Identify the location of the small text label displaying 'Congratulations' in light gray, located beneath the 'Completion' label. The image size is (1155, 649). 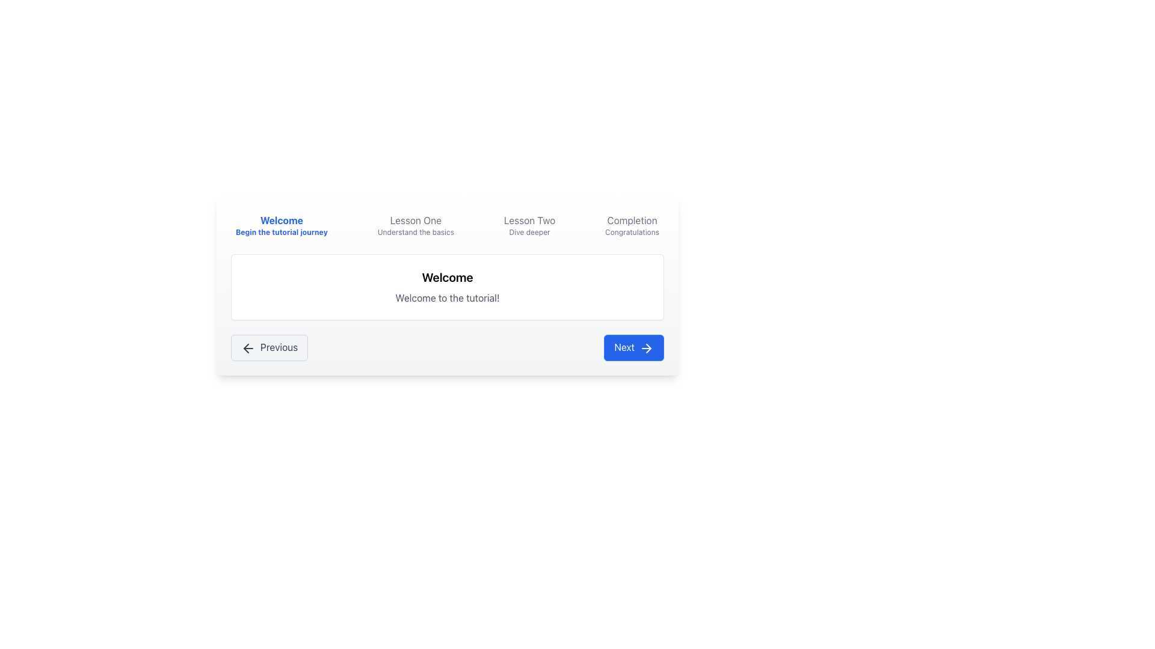
(632, 232).